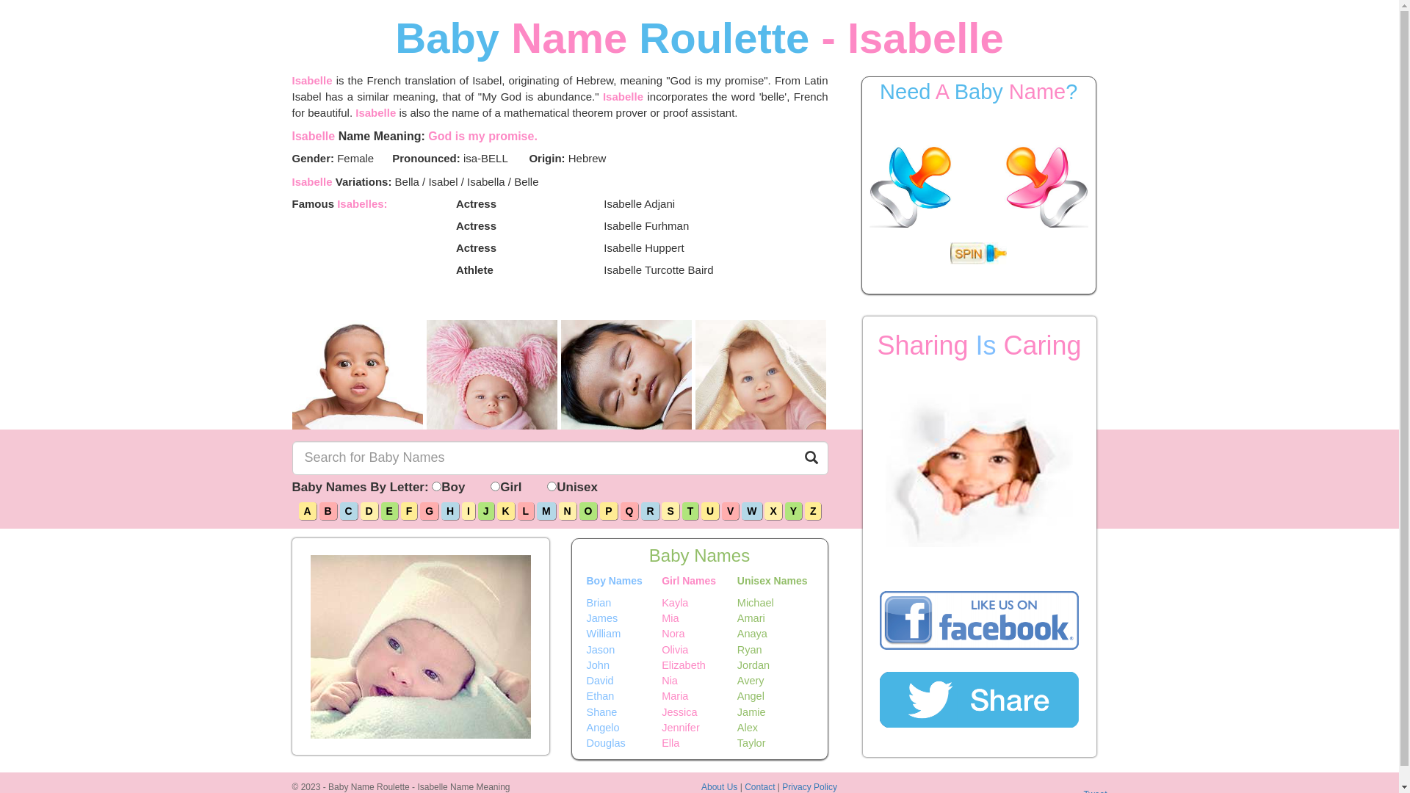 The height and width of the screenshot is (793, 1410). What do you see at coordinates (535, 510) in the screenshot?
I see `'M'` at bounding box center [535, 510].